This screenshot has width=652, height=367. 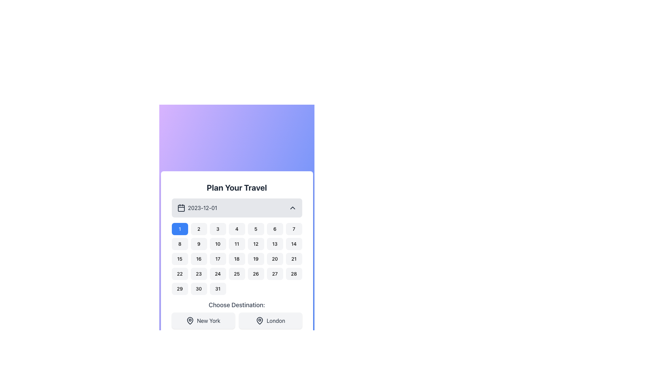 What do you see at coordinates (218, 274) in the screenshot?
I see `the small rectangular button with rounded borders labeled '24'` at bounding box center [218, 274].